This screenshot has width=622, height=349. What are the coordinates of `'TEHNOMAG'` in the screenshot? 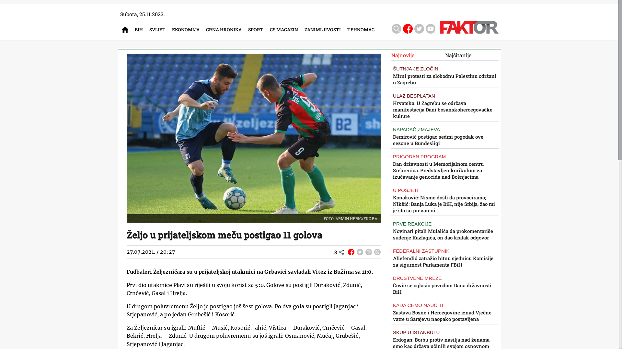 It's located at (362, 29).